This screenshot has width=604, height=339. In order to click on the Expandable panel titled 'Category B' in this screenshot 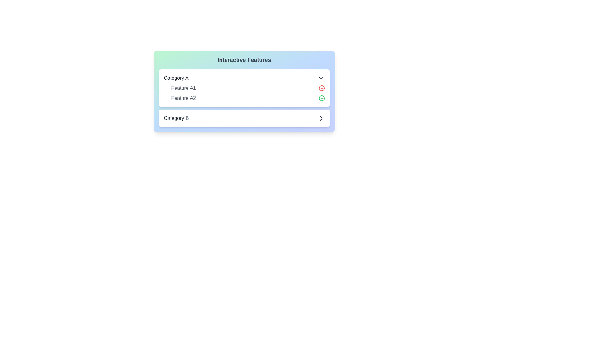, I will do `click(244, 118)`.